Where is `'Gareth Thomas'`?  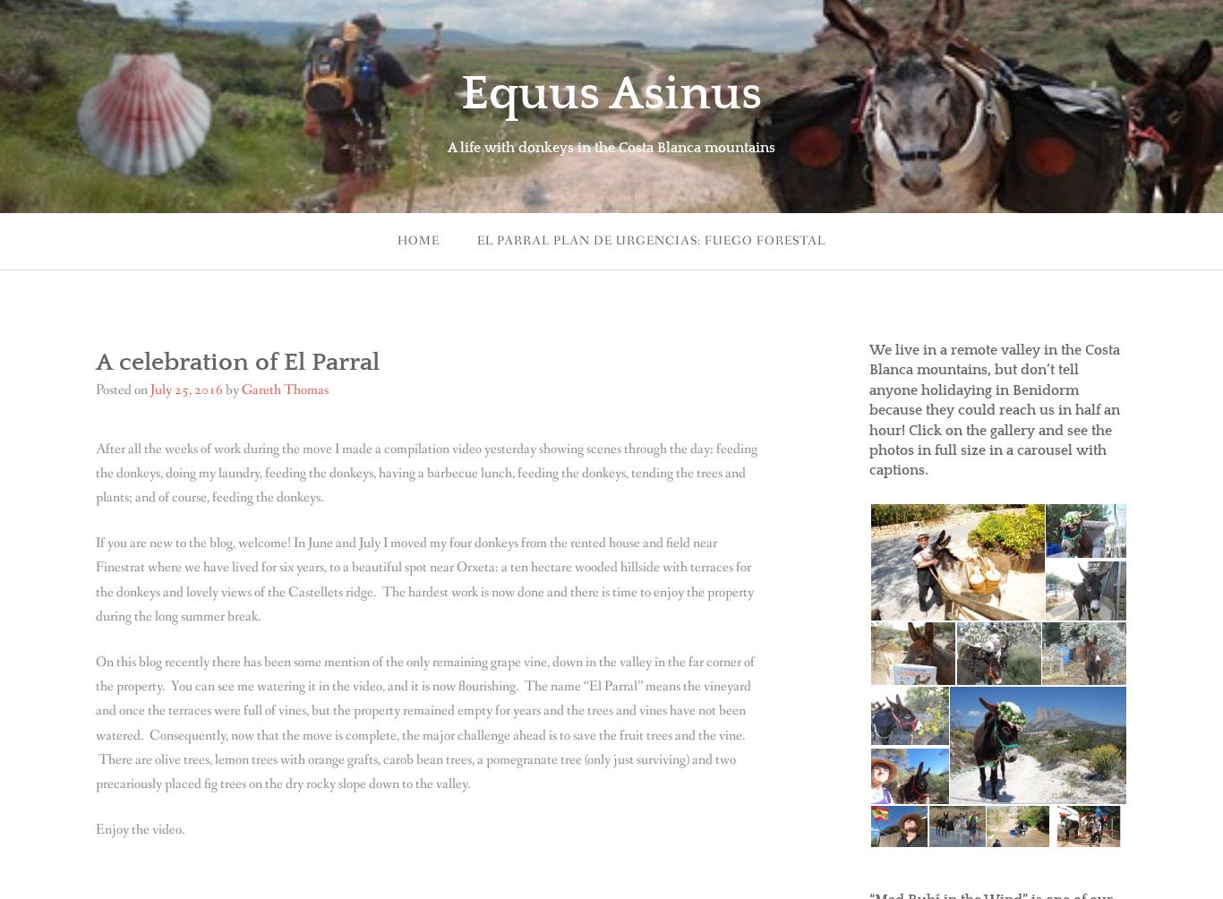 'Gareth Thomas' is located at coordinates (285, 388).